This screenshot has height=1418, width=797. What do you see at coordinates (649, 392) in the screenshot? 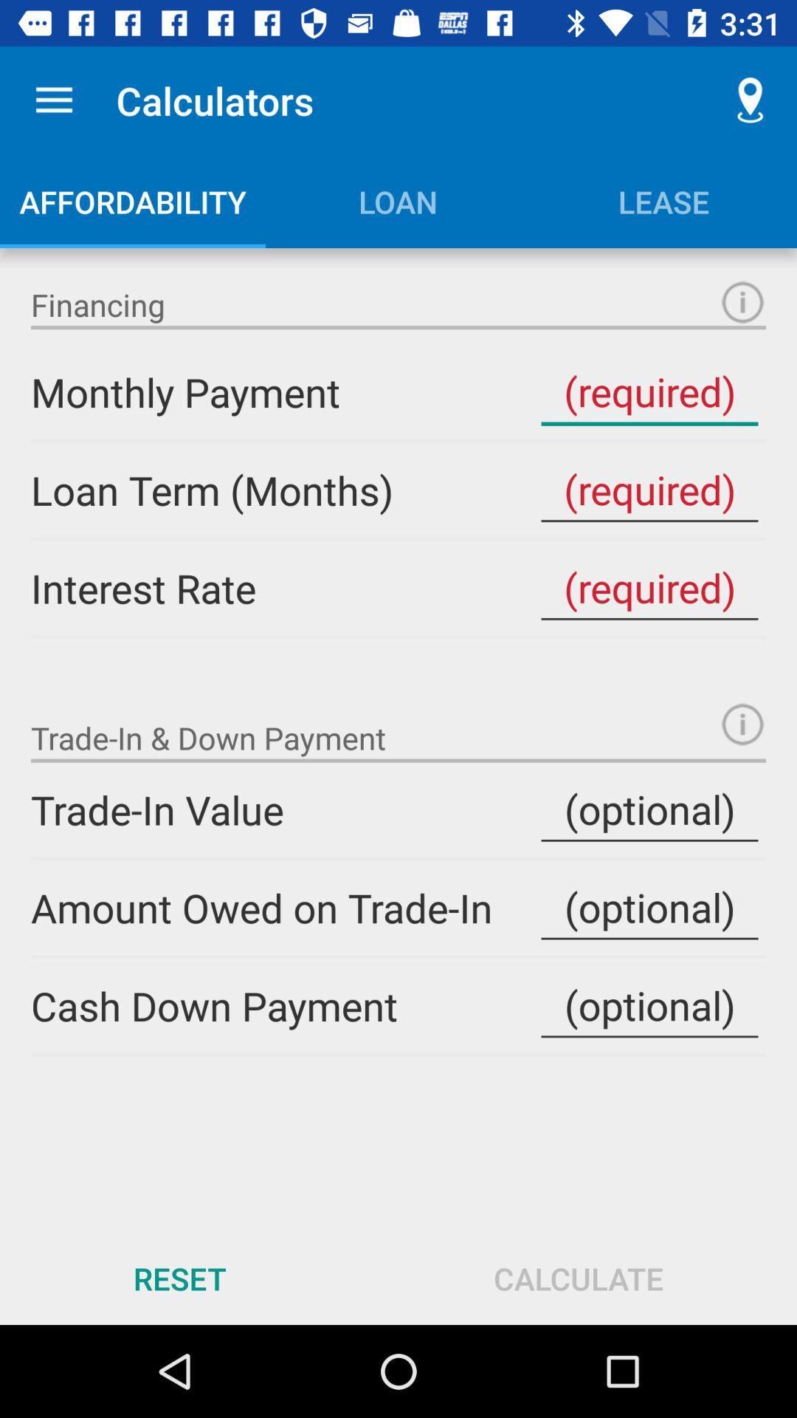
I see `input monthly payment amount` at bounding box center [649, 392].